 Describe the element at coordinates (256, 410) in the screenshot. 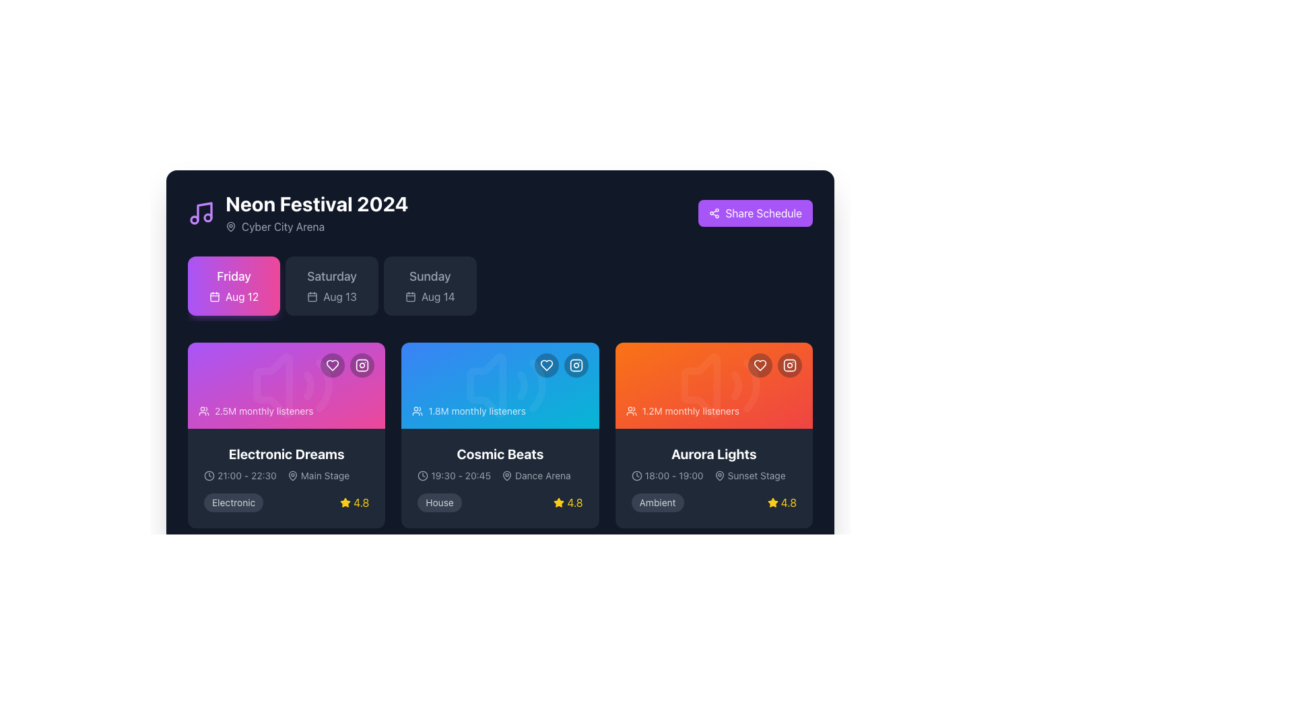

I see `text '2.5M monthly listeners' from the Text Label with Icon located at the bottom left corner of the 'Electronic Dreams' card` at that location.